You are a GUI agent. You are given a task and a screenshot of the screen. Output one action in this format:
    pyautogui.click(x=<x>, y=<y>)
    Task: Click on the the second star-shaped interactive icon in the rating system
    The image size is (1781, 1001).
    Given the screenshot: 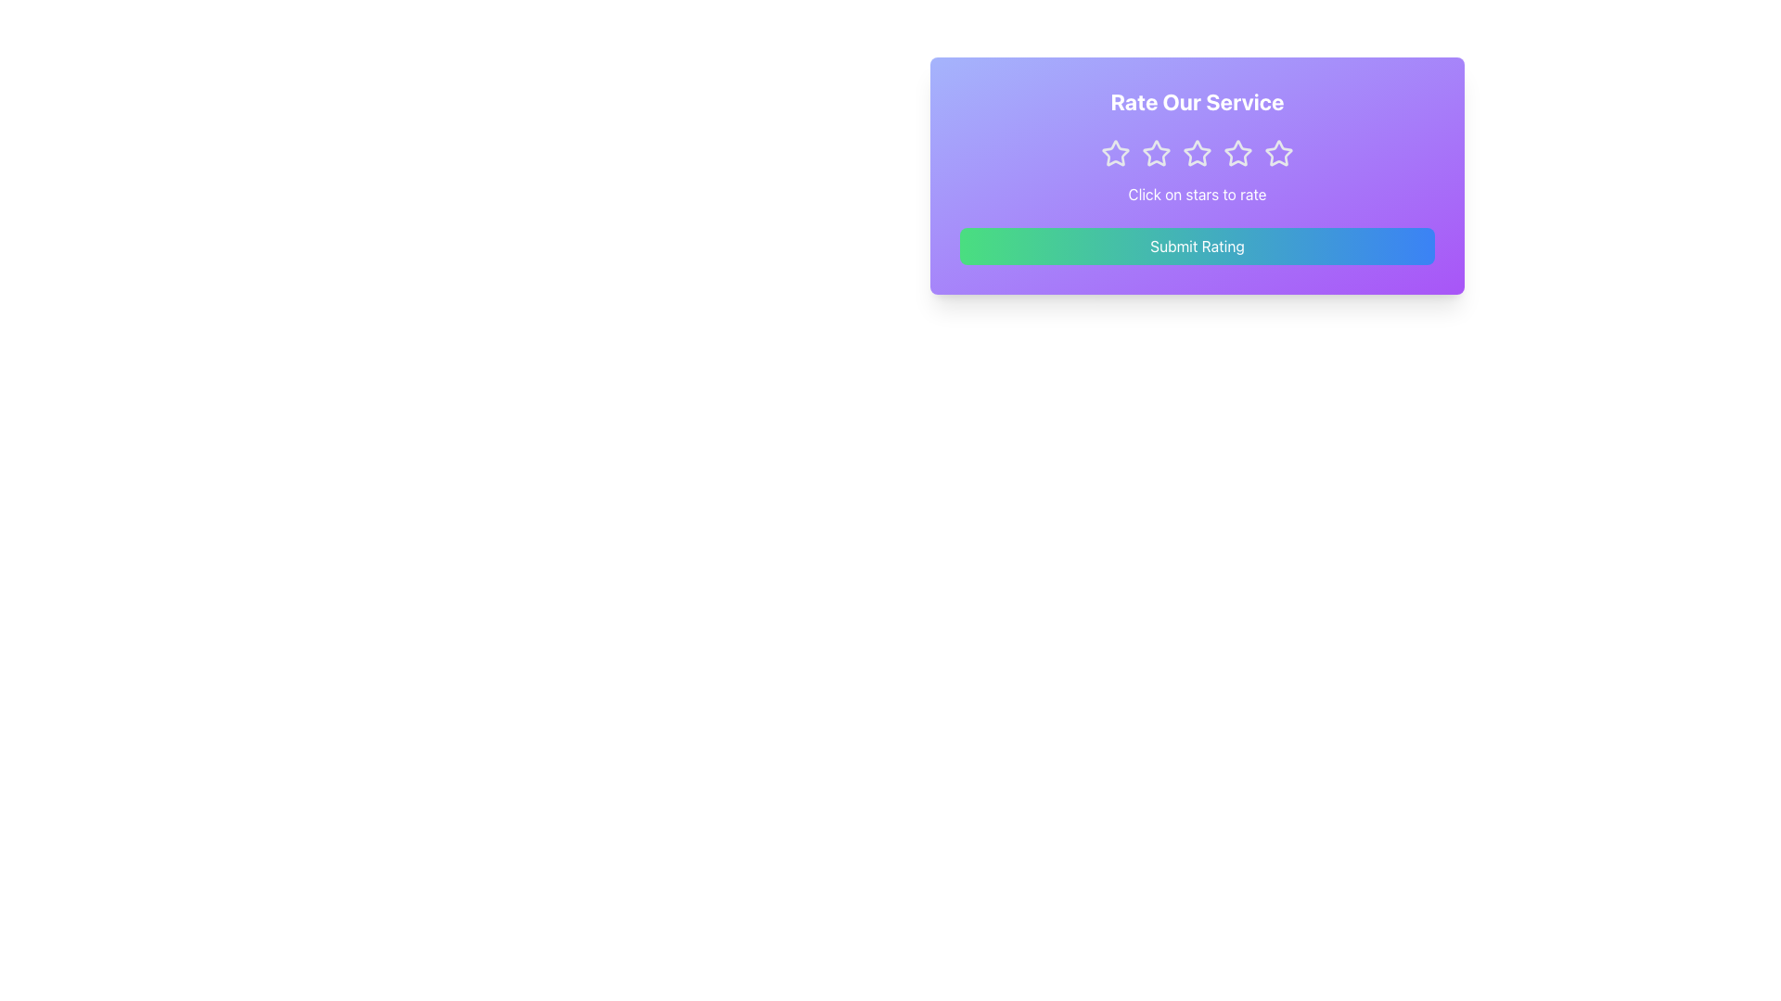 What is the action you would take?
    pyautogui.click(x=1197, y=152)
    